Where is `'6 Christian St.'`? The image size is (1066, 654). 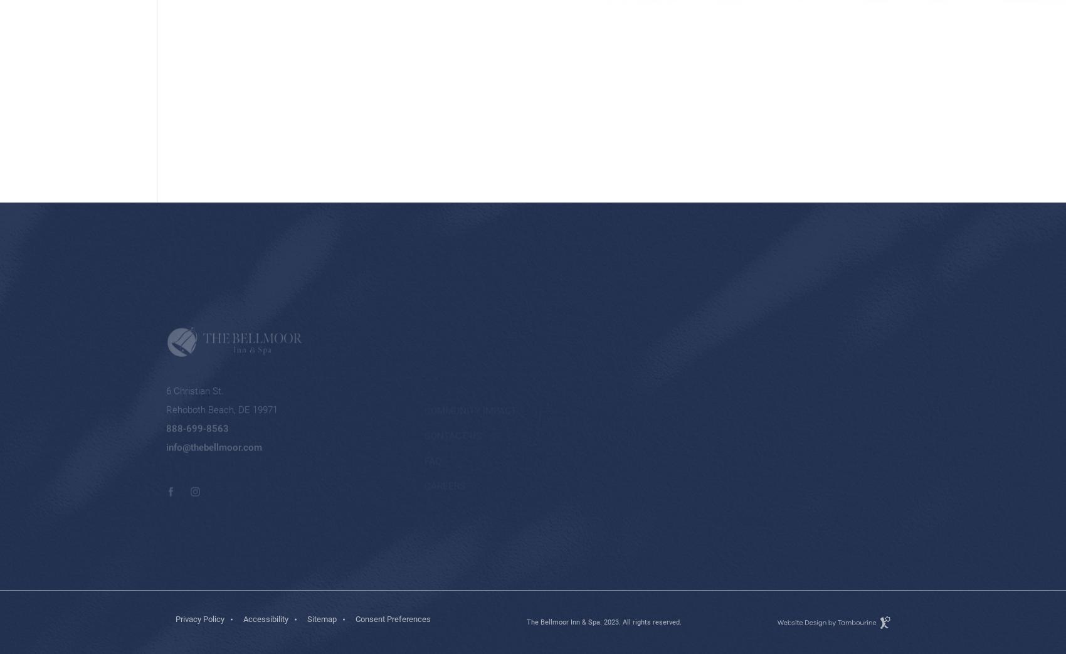
'6 Christian St.' is located at coordinates (194, 344).